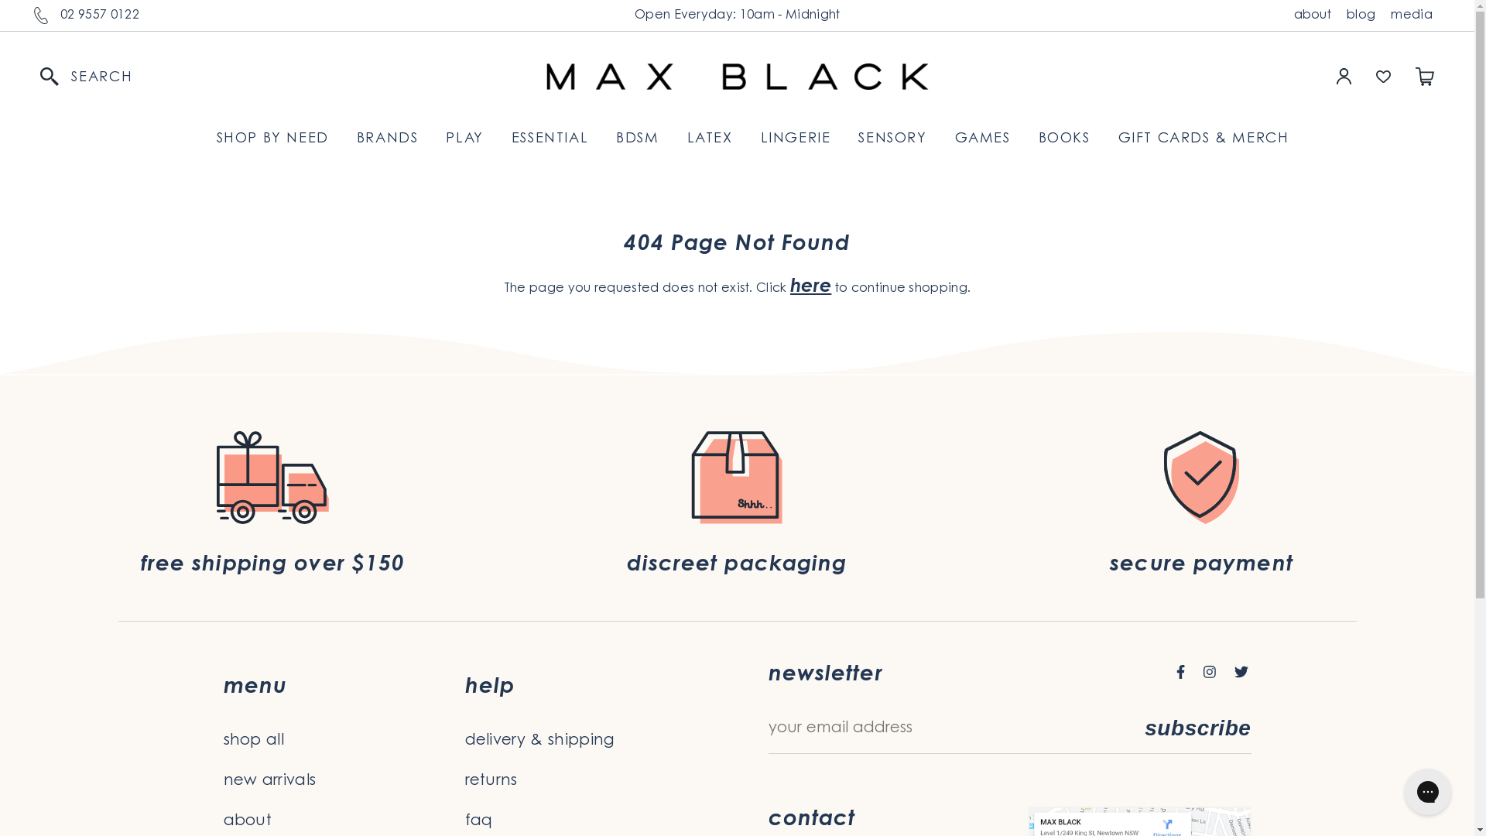 This screenshot has height=836, width=1486. I want to click on 'GIFT CARDS & MERCH', so click(1118, 139).